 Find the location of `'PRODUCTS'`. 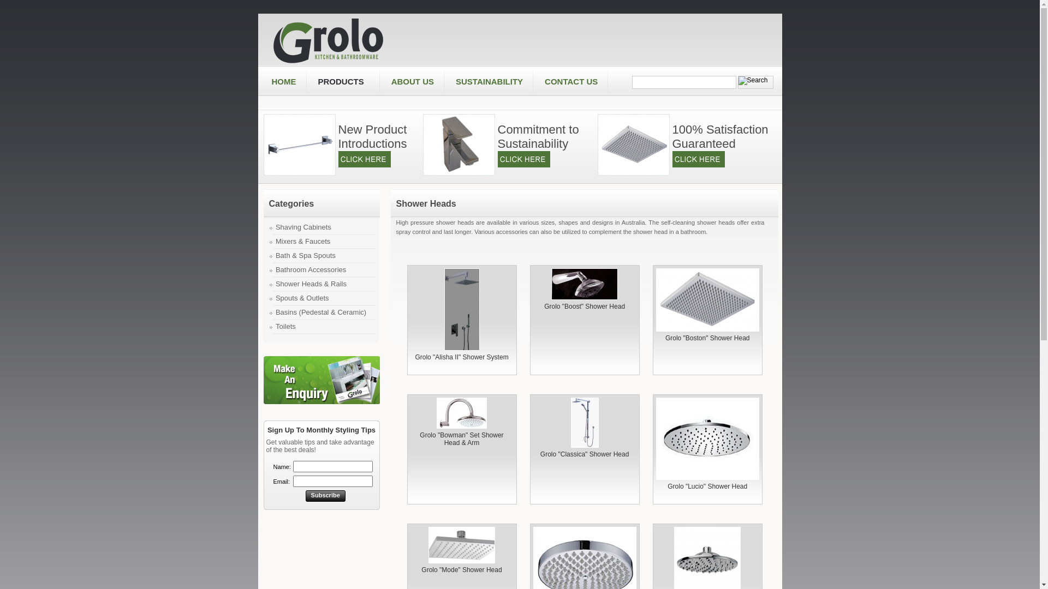

'PRODUCTS' is located at coordinates (342, 81).